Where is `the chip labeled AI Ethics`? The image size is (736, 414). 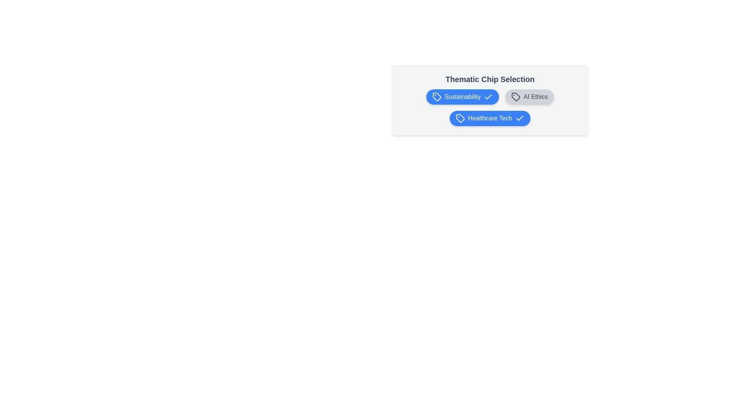 the chip labeled AI Ethics is located at coordinates (529, 97).